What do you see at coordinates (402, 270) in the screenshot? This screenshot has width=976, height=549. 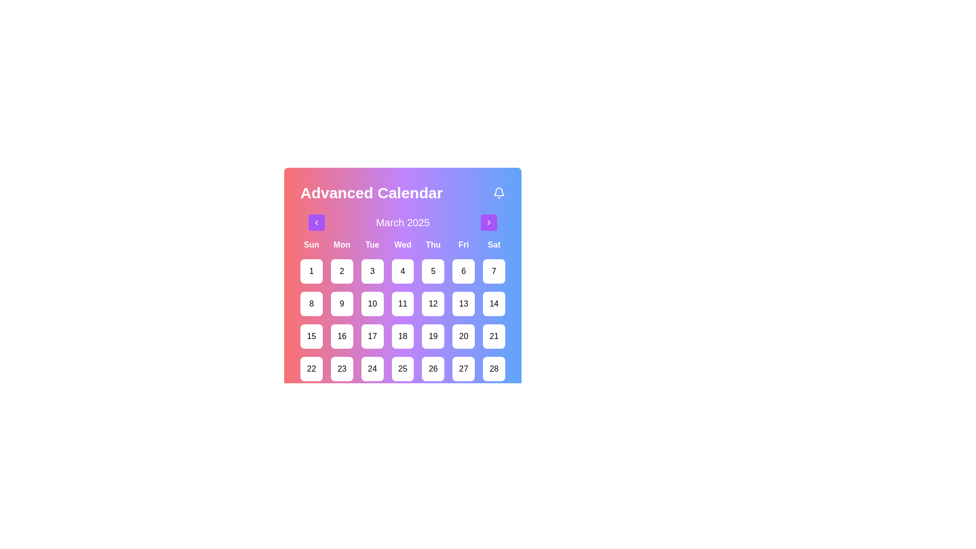 I see `the calendar cell displaying the date '4', which is a rounded square with a white background and black text, located under the 'Wed' column` at bounding box center [402, 270].